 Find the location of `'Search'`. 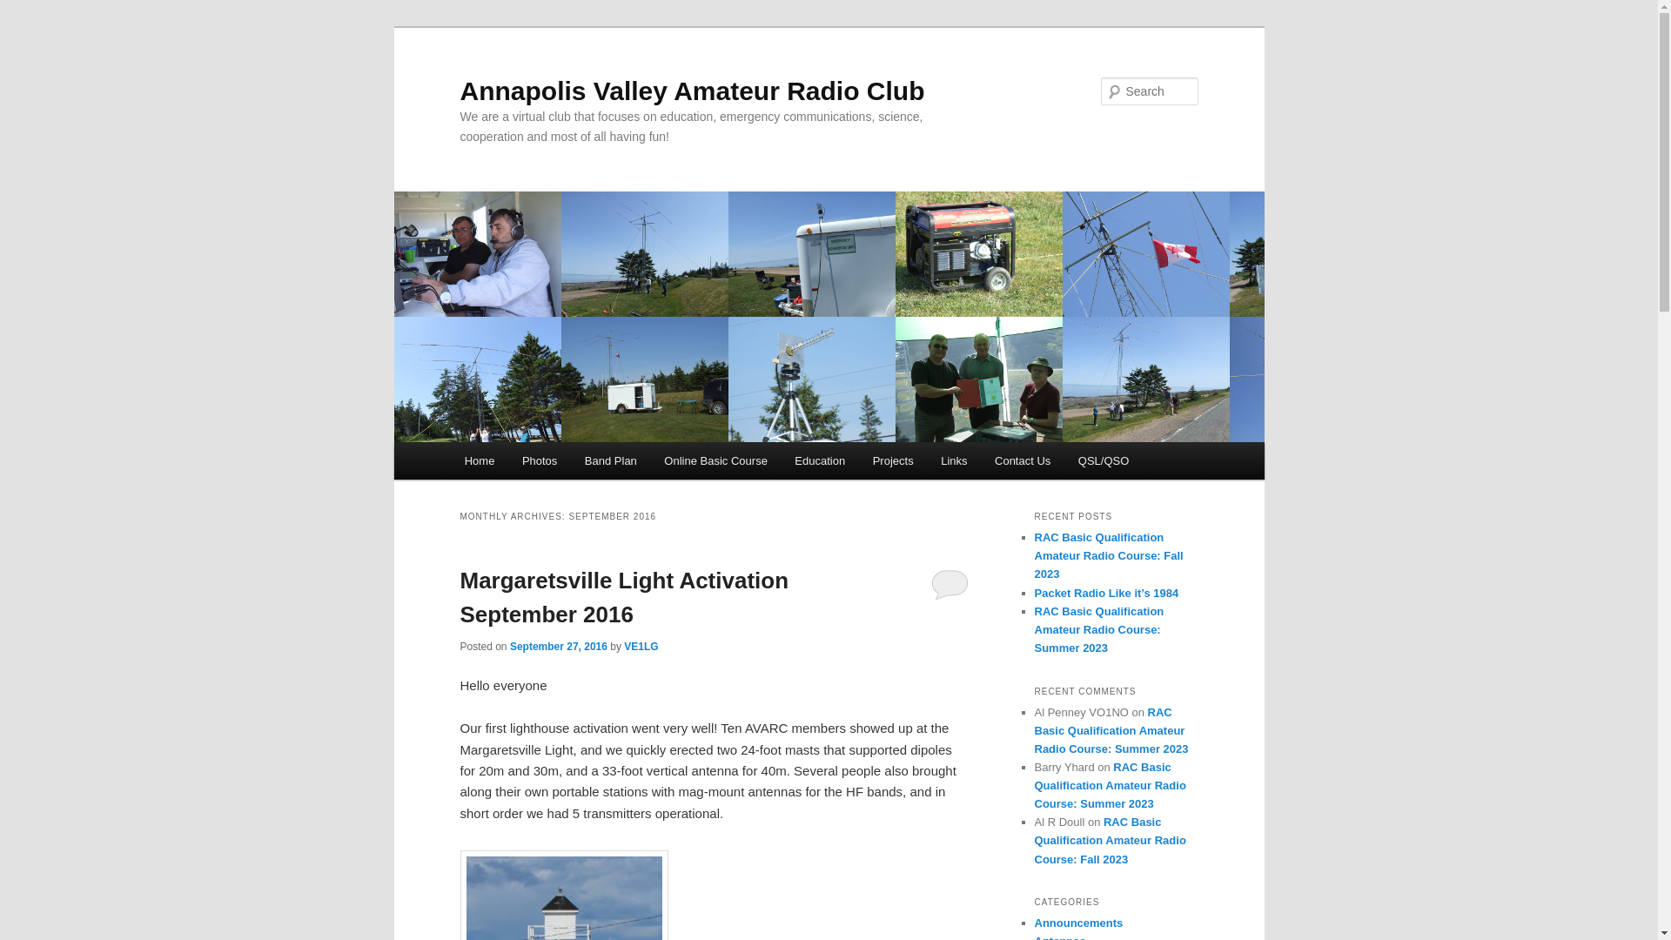

'Search' is located at coordinates (28, 10).